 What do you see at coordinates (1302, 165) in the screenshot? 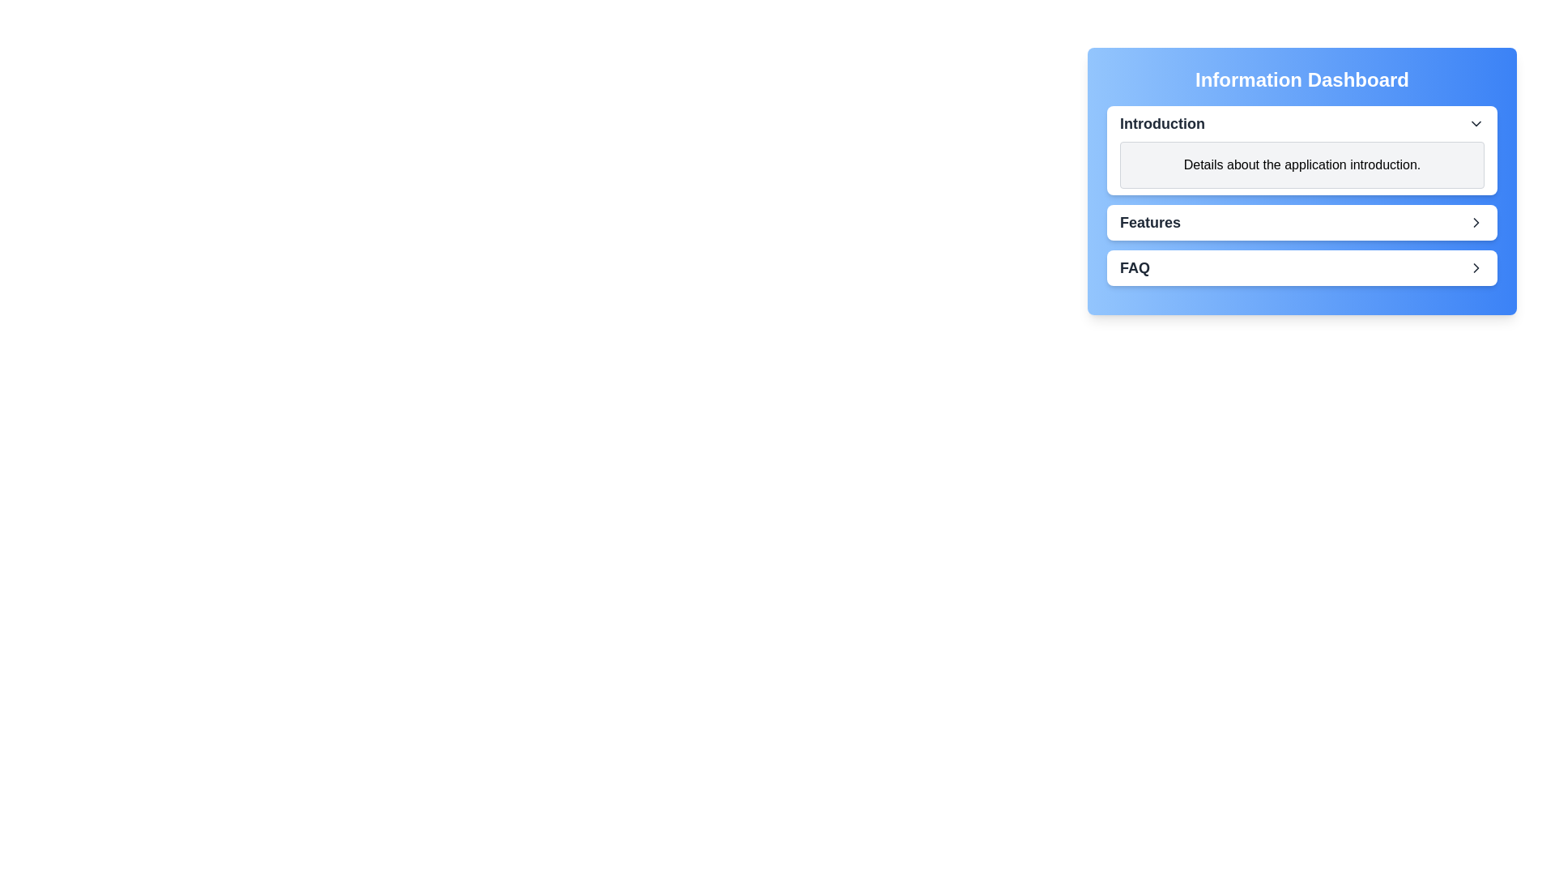
I see `the static informational text block that contains the text 'Details about the application introduction.' located below the title 'Introduction'` at bounding box center [1302, 165].